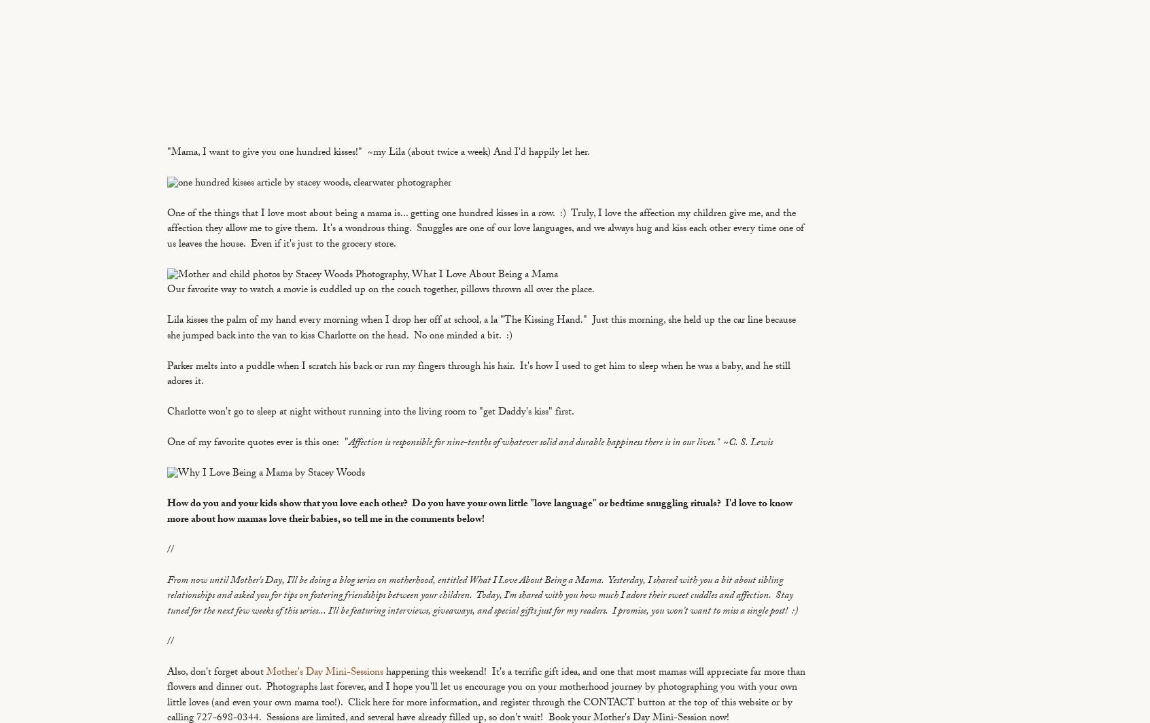 The image size is (1150, 723). What do you see at coordinates (324, 673) in the screenshot?
I see `'Mother's Day Mini-Sessions'` at bounding box center [324, 673].